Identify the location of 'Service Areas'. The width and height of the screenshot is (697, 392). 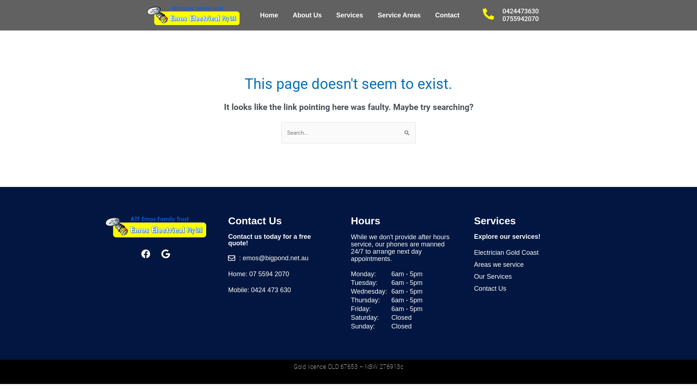
(399, 15).